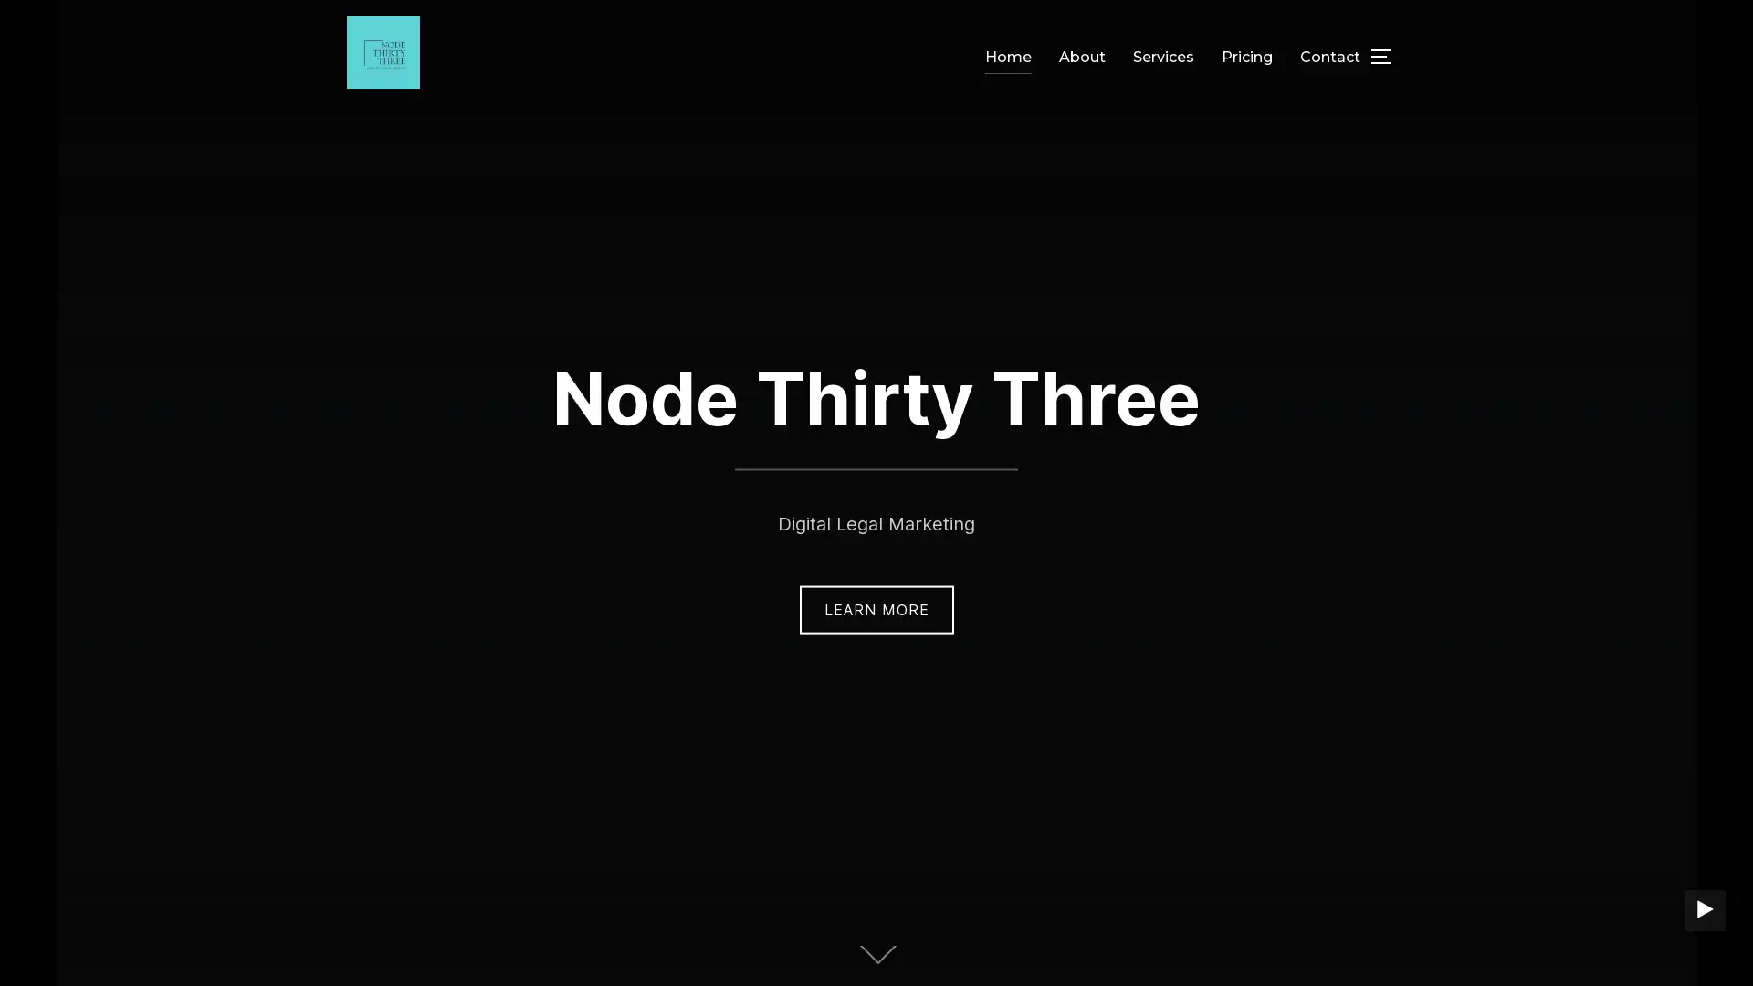 The width and height of the screenshot is (1753, 986). What do you see at coordinates (1704, 910) in the screenshot?
I see `PLAY BACKGROUND VIDEO` at bounding box center [1704, 910].